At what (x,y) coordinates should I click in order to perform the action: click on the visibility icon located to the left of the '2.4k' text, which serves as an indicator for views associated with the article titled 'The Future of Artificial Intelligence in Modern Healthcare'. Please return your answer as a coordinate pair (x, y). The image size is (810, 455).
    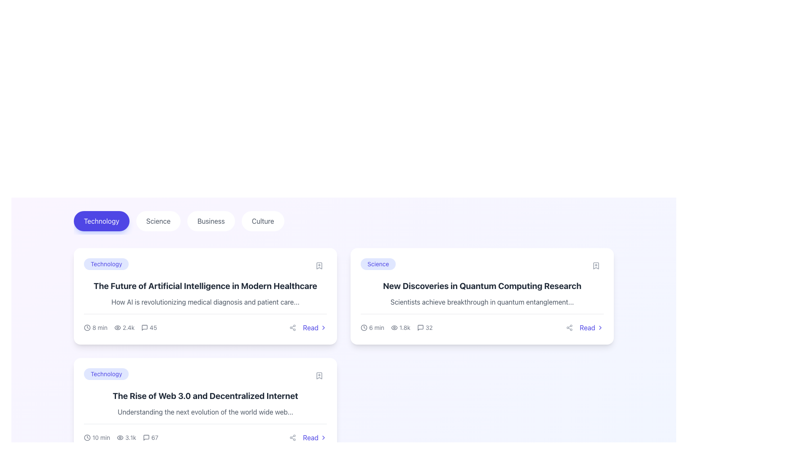
    Looking at the image, I should click on (117, 327).